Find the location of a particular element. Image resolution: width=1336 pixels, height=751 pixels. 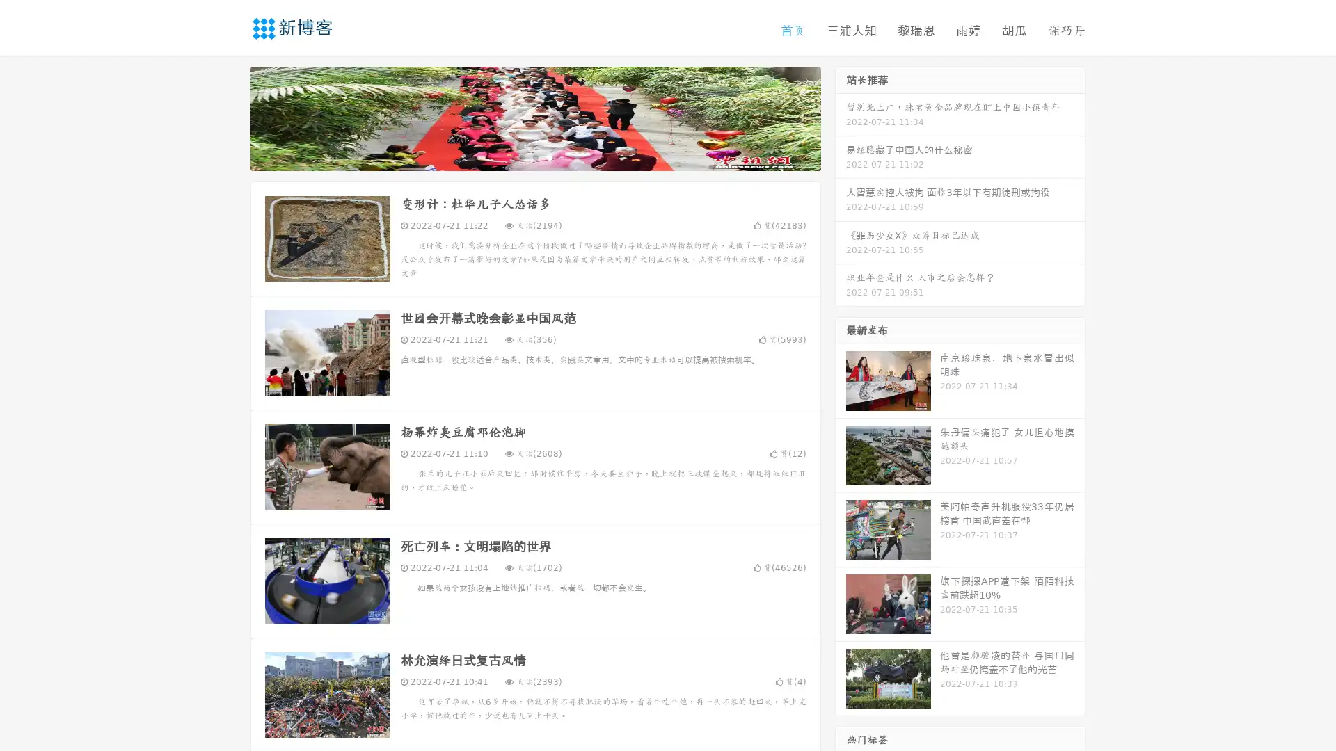

Next slide is located at coordinates (841, 117).